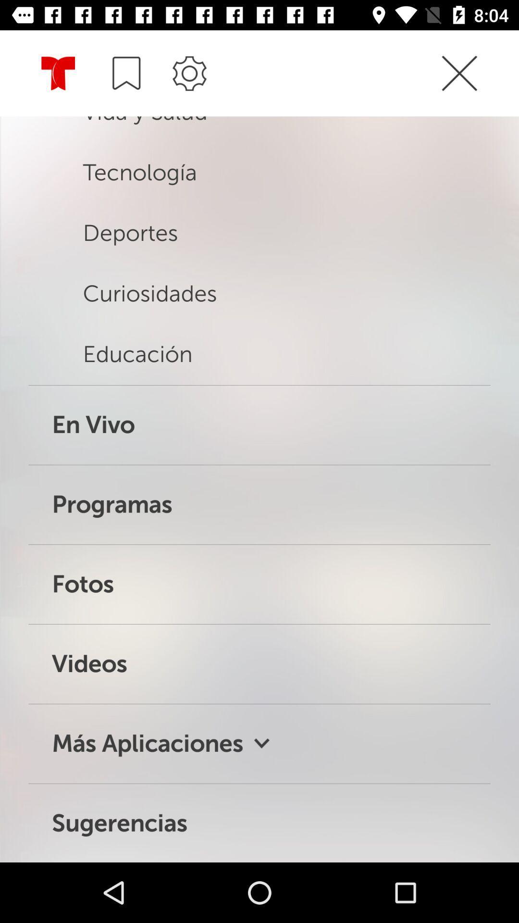 The width and height of the screenshot is (519, 923). Describe the element at coordinates (478, 74) in the screenshot. I see `the close icon` at that location.